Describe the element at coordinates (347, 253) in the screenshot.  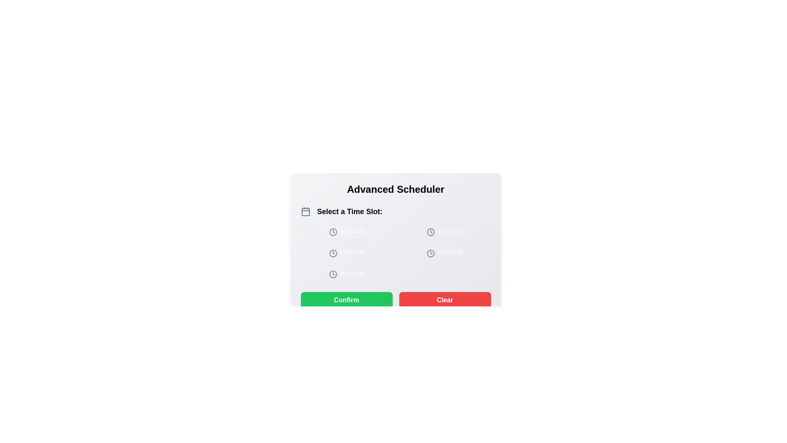
I see `the time selection button for '01:00 PM' in the scheduling interface` at that location.